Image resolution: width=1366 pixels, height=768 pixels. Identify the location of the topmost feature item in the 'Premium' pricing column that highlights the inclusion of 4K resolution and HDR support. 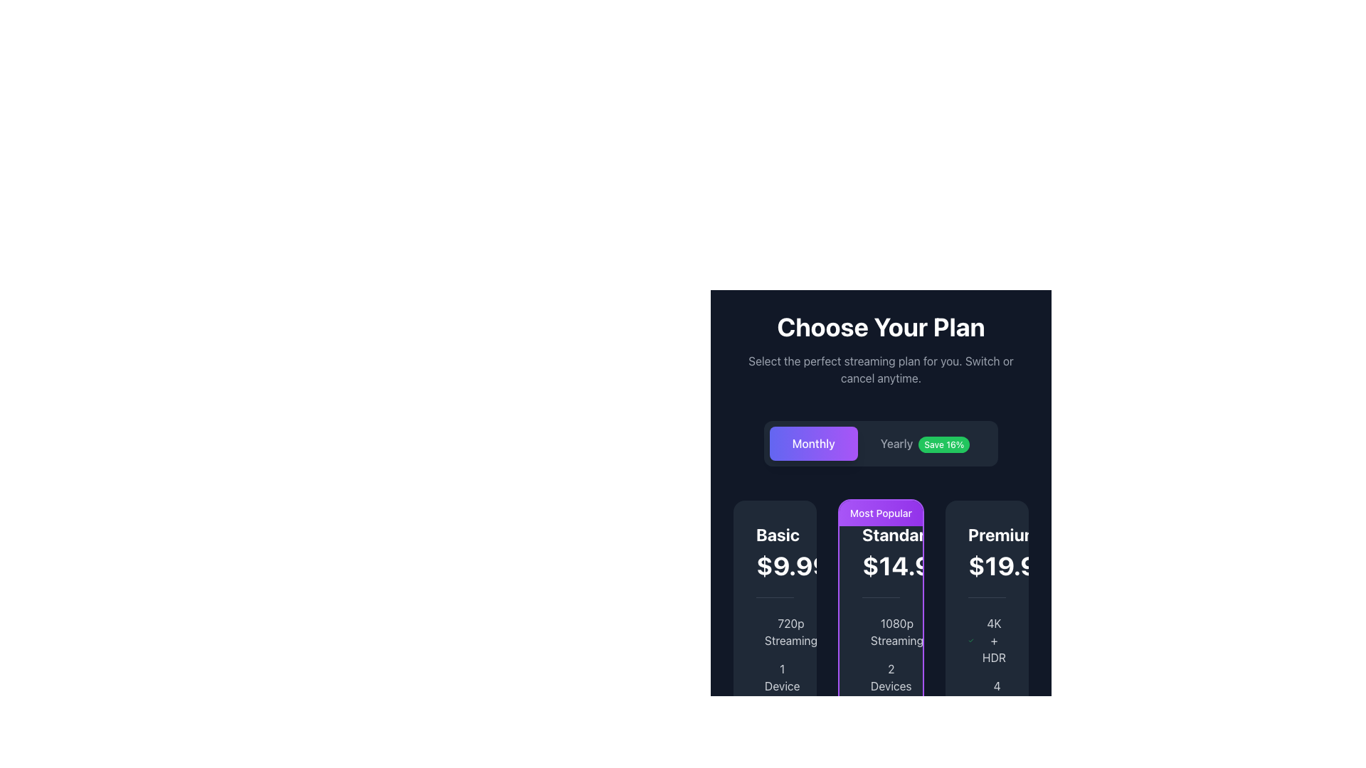
(986, 641).